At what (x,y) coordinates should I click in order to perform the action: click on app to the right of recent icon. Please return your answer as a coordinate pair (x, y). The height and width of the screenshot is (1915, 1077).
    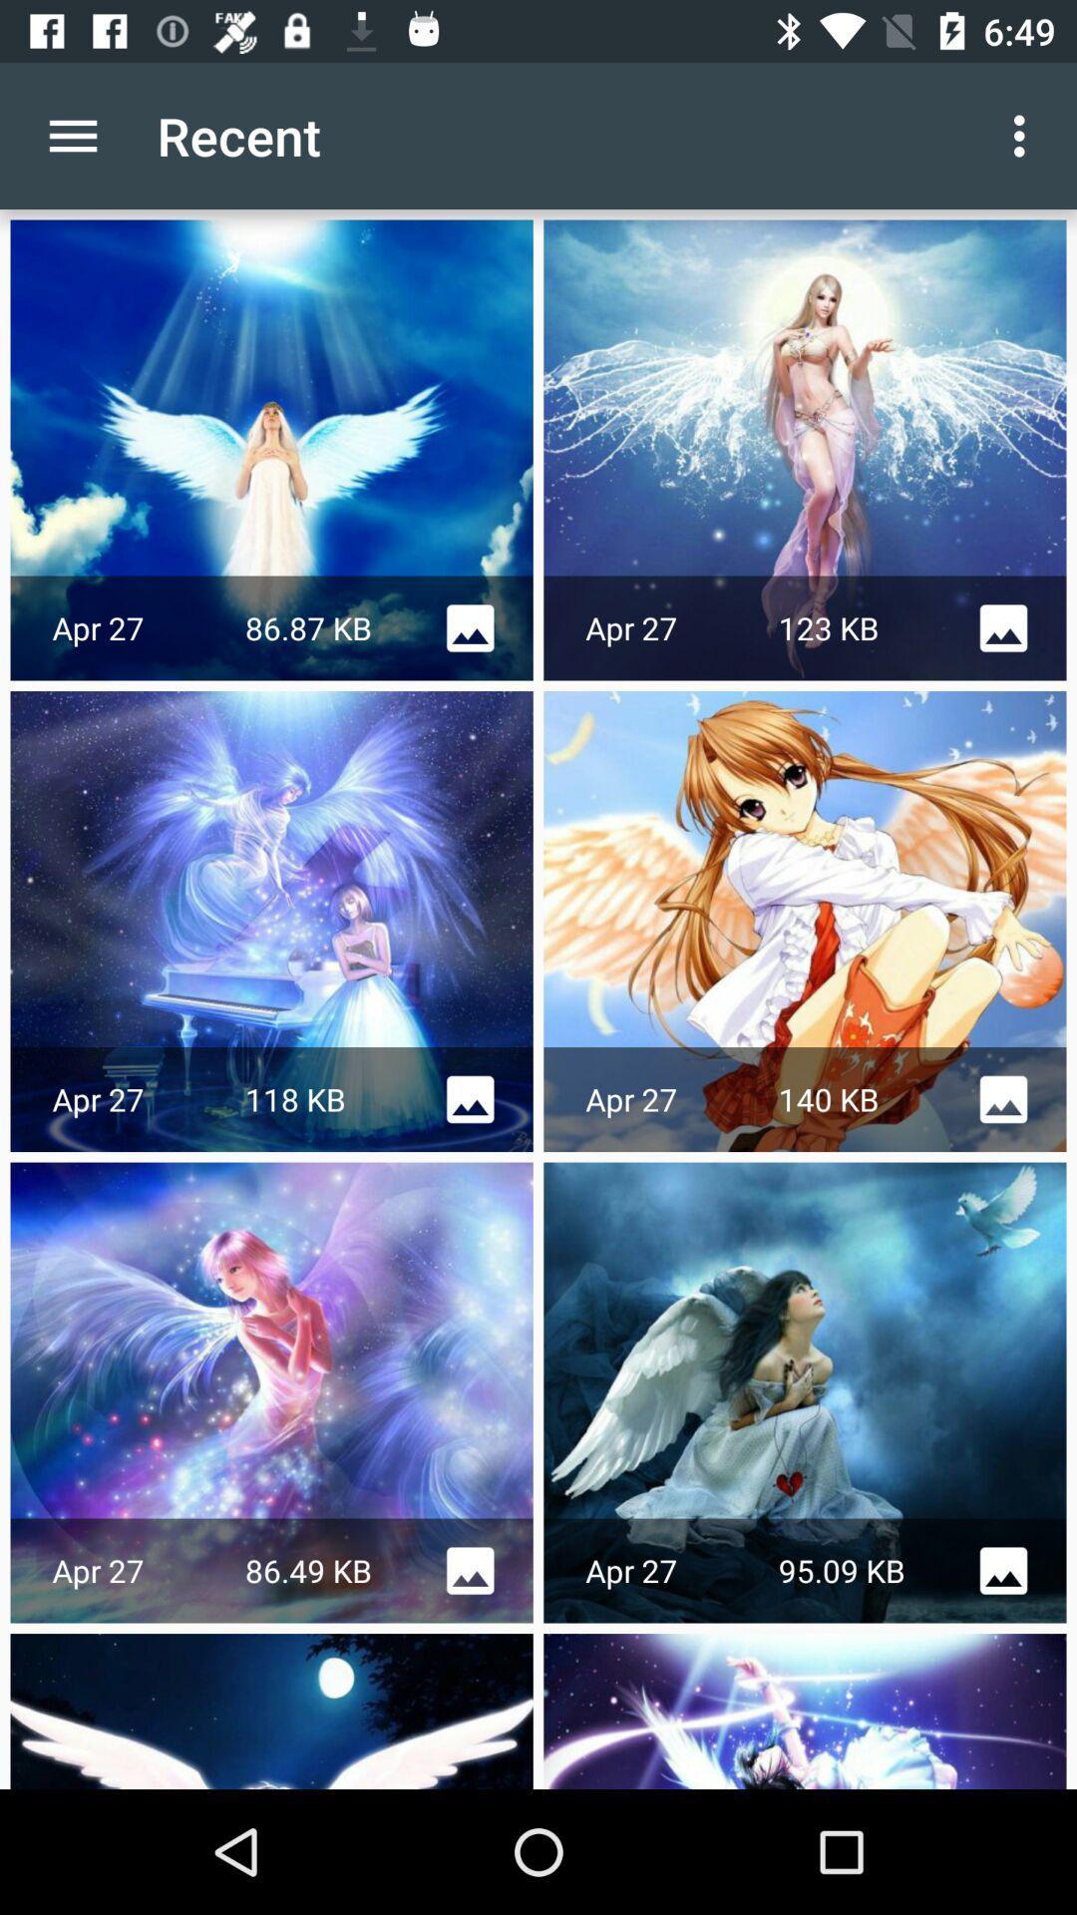
    Looking at the image, I should click on (1024, 135).